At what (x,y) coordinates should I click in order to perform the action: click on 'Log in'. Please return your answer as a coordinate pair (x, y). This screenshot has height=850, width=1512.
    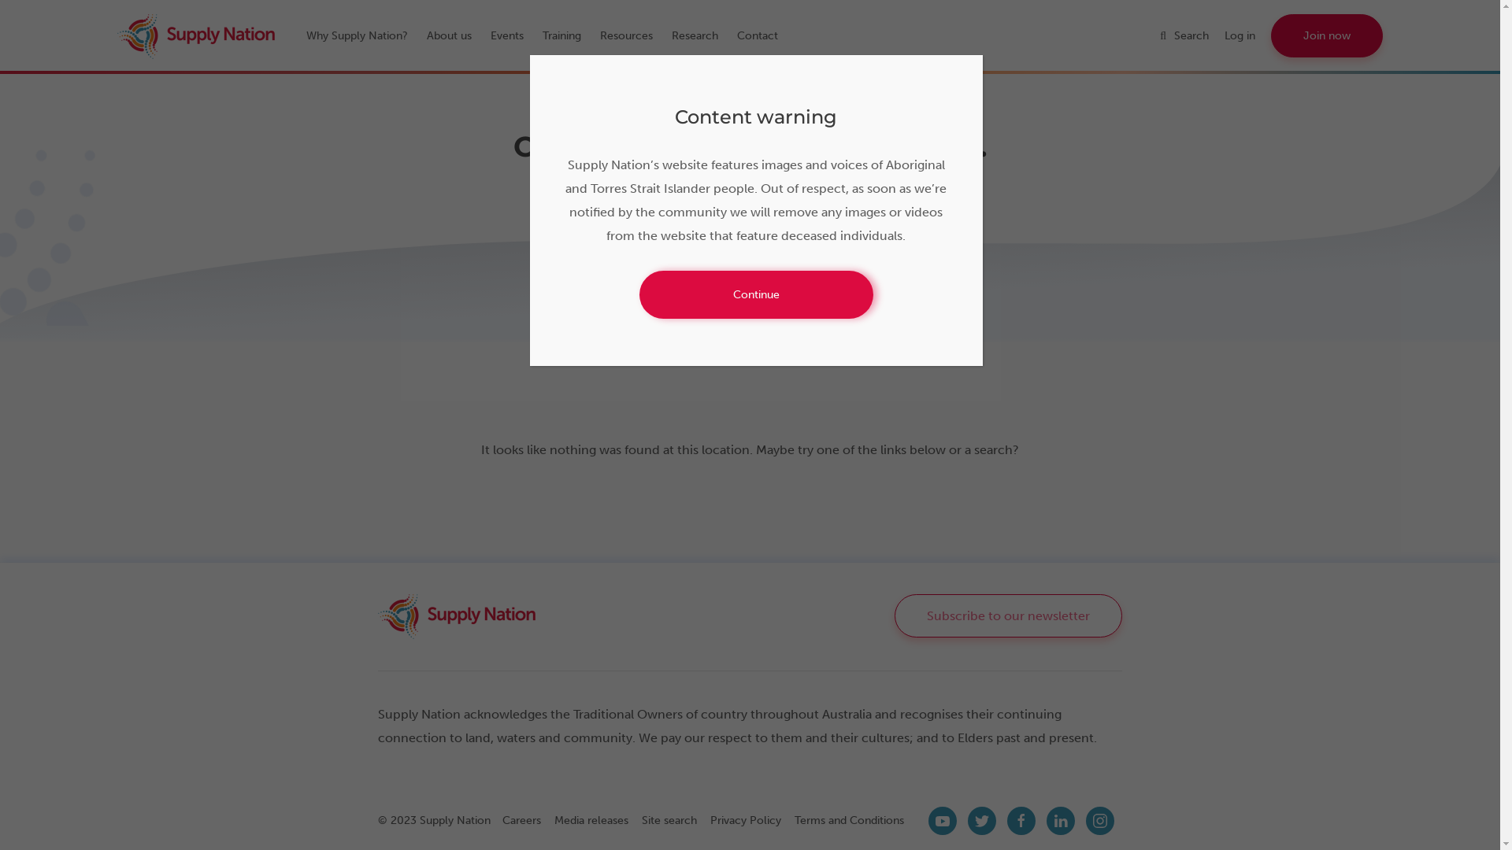
    Looking at the image, I should click on (1224, 35).